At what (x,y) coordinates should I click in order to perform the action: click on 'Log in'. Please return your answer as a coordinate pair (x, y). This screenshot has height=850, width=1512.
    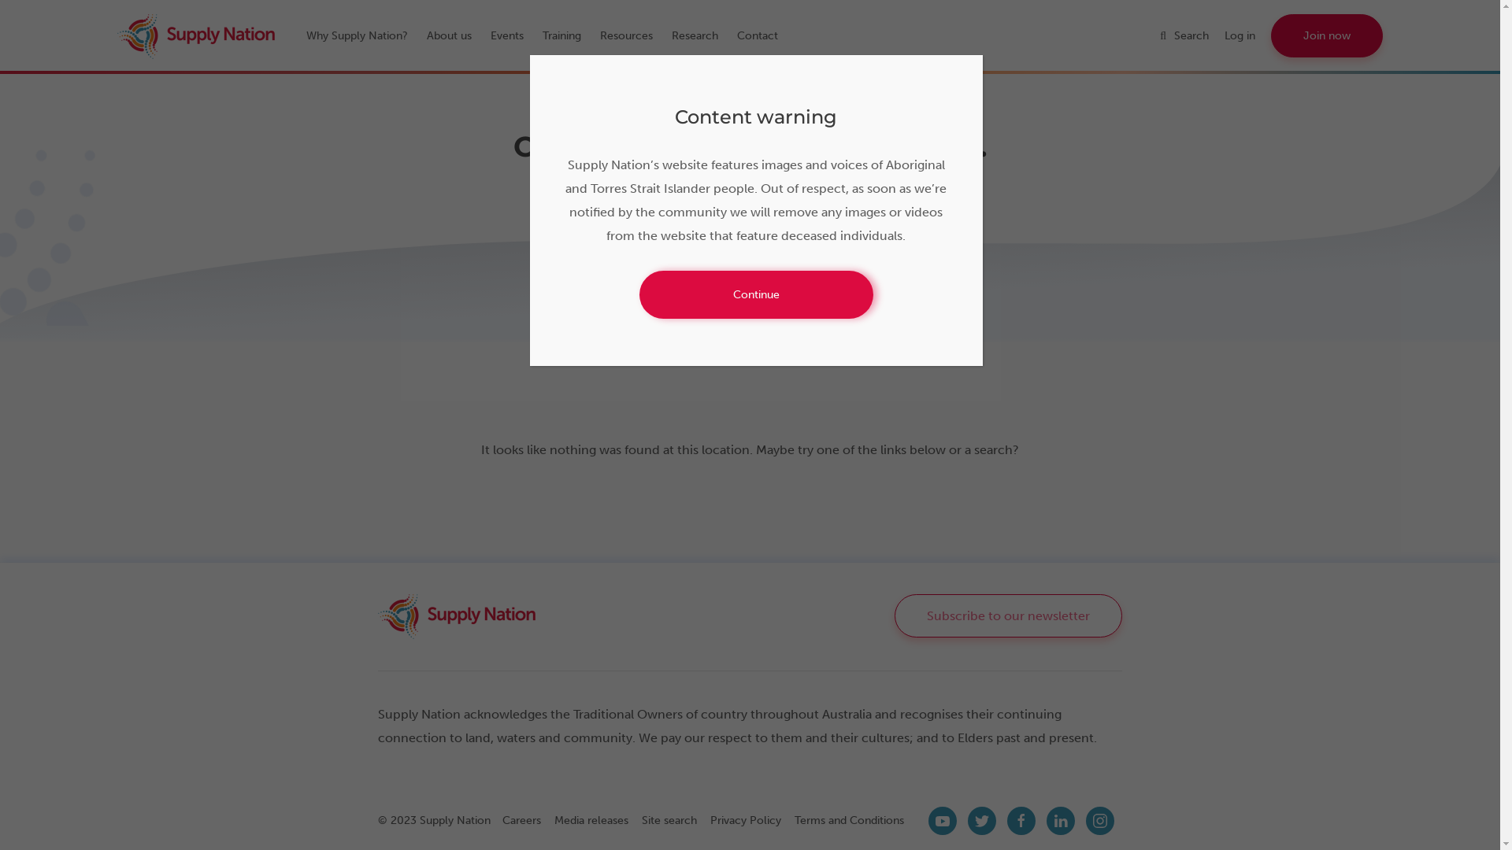
    Looking at the image, I should click on (1224, 35).